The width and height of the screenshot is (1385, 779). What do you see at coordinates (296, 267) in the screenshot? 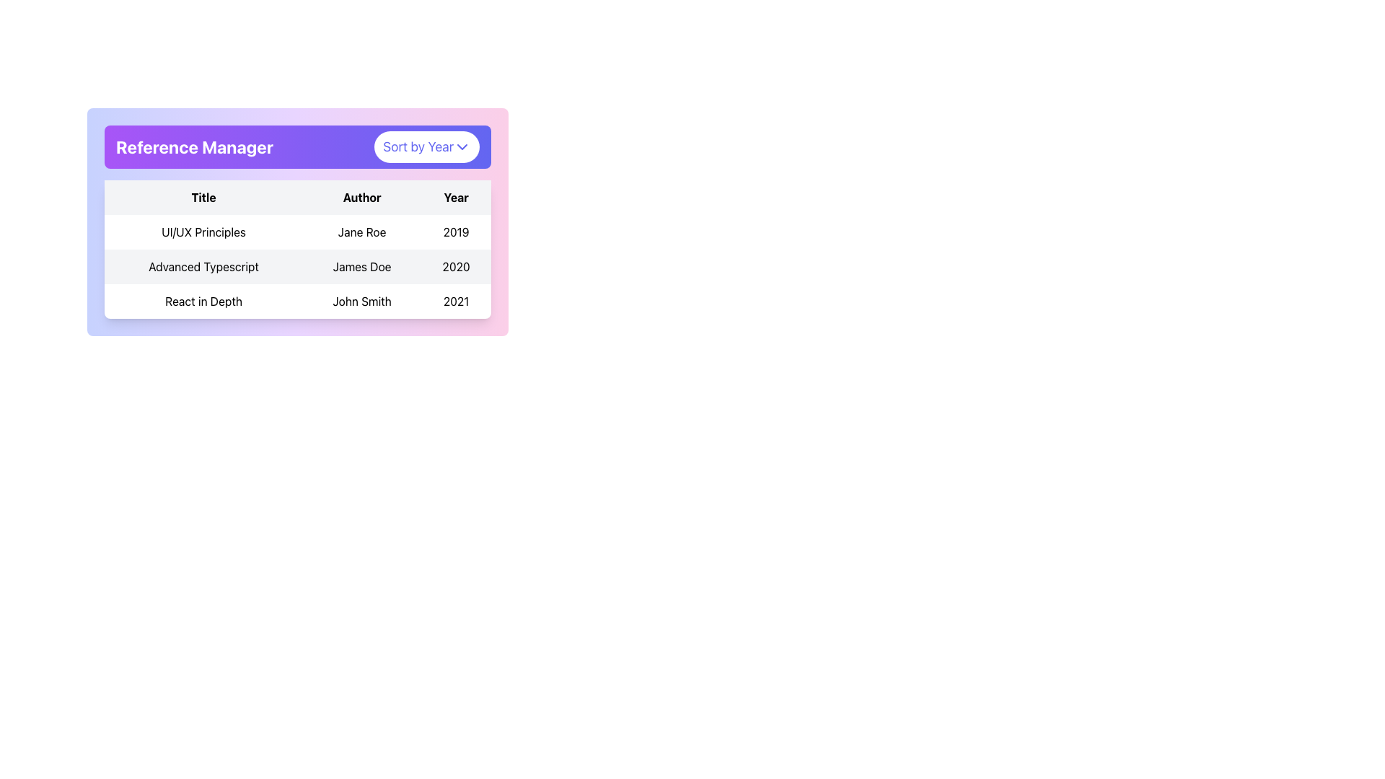
I see `the second row in the 'Reference Manager' table, which contains the entry for 'Advanced Typescript' by 'James Doe' published in '2020'` at bounding box center [296, 267].